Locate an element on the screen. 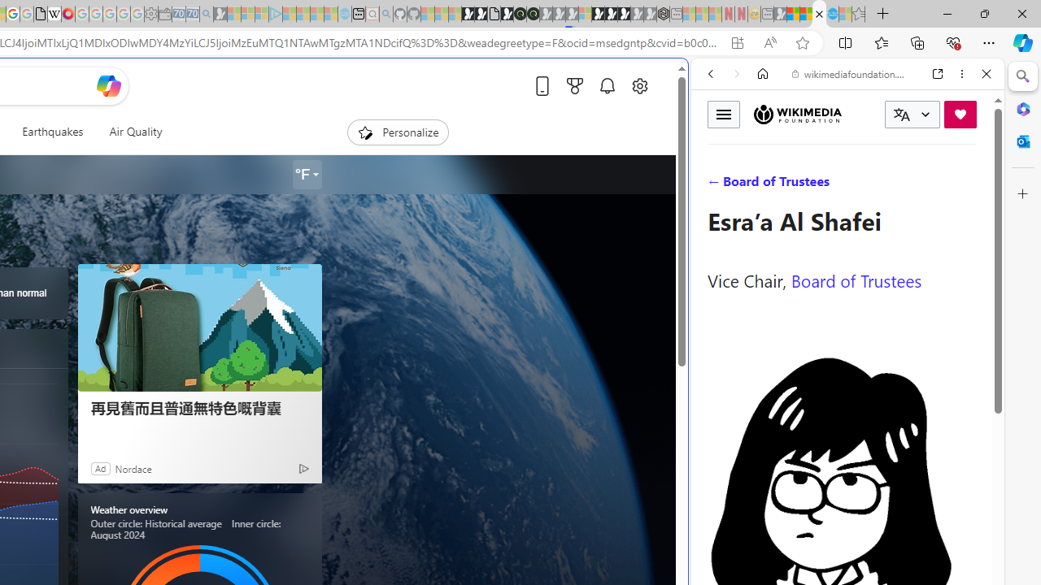  'MediaWiki' is located at coordinates (67, 14).